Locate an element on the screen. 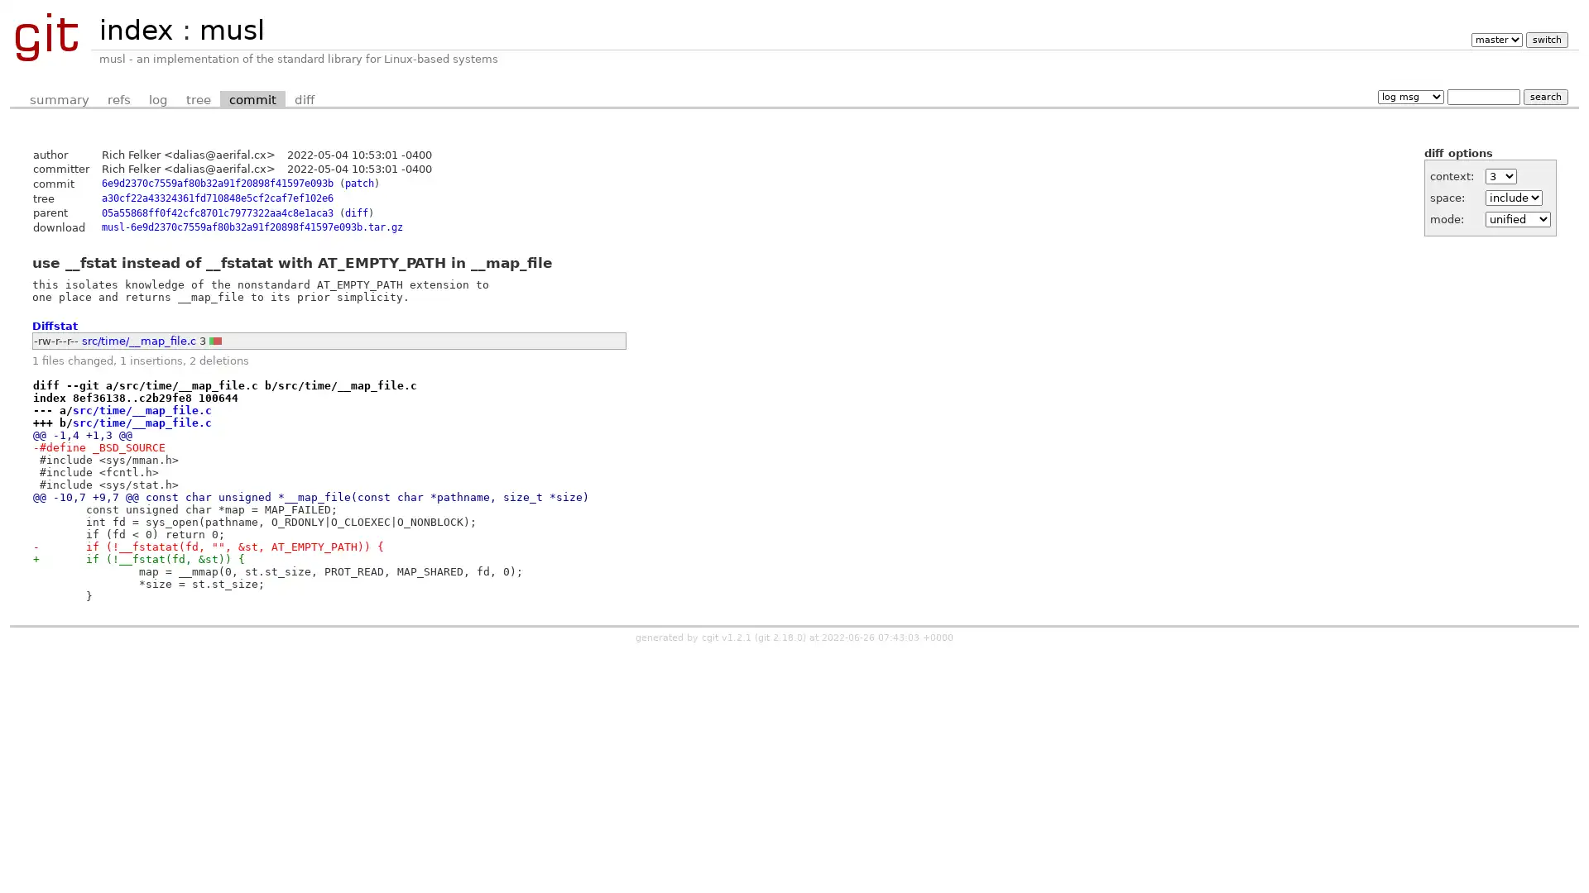  search is located at coordinates (1544, 96).